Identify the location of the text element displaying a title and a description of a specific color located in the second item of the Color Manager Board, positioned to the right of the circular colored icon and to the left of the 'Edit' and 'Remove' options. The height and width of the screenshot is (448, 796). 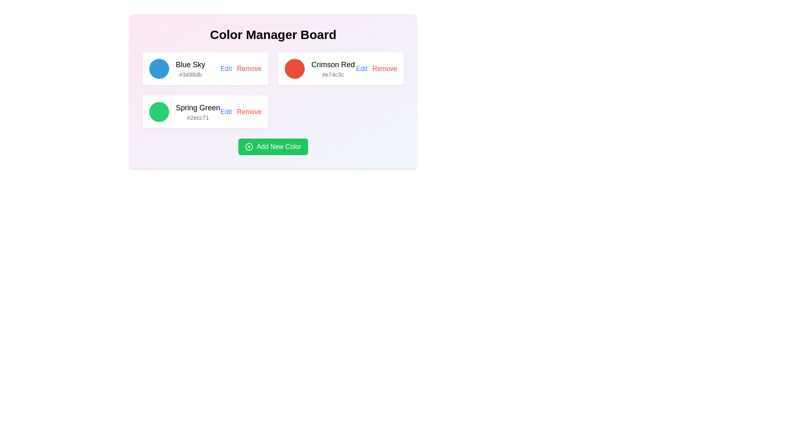
(333, 68).